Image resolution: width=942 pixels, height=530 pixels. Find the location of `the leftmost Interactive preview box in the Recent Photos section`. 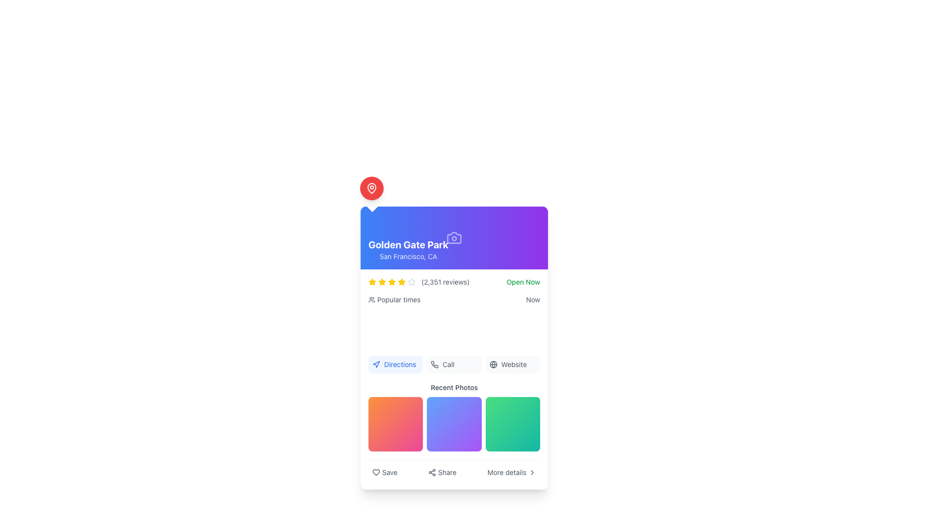

the leftmost Interactive preview box in the Recent Photos section is located at coordinates (395, 424).